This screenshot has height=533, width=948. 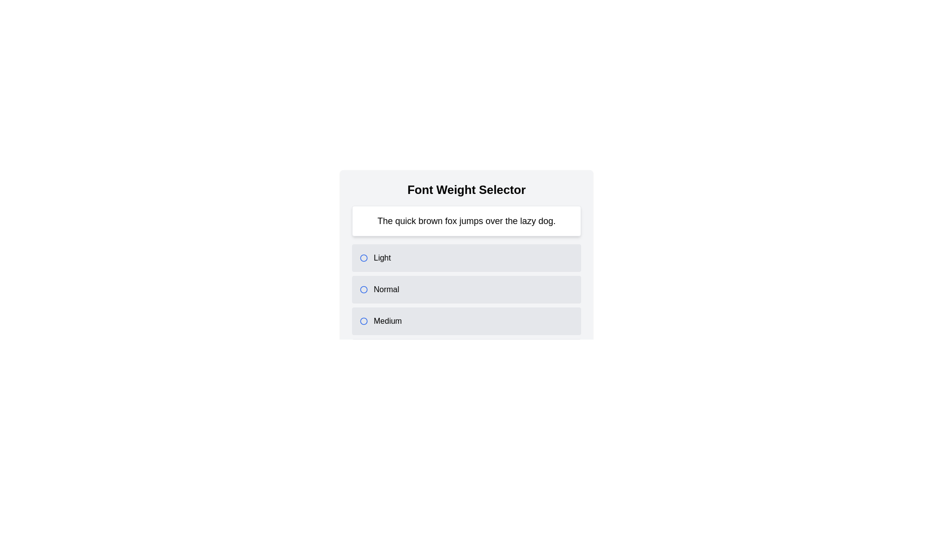 What do you see at coordinates (466, 289) in the screenshot?
I see `the 'Normal' radio button option, which is the second option in the vertical list of selectable items for font weight` at bounding box center [466, 289].